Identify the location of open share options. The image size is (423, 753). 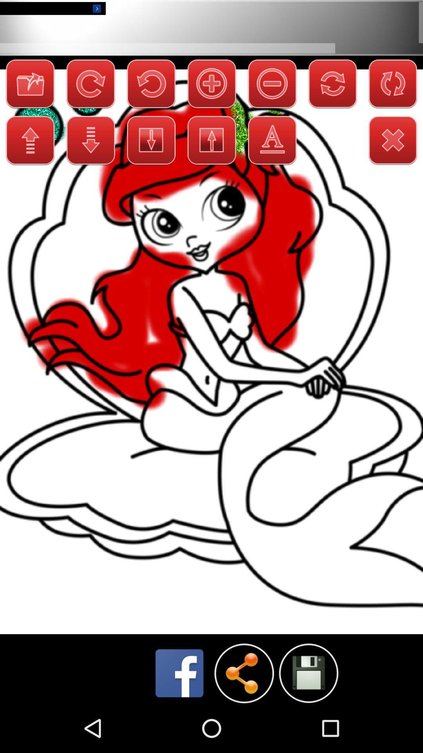
(244, 673).